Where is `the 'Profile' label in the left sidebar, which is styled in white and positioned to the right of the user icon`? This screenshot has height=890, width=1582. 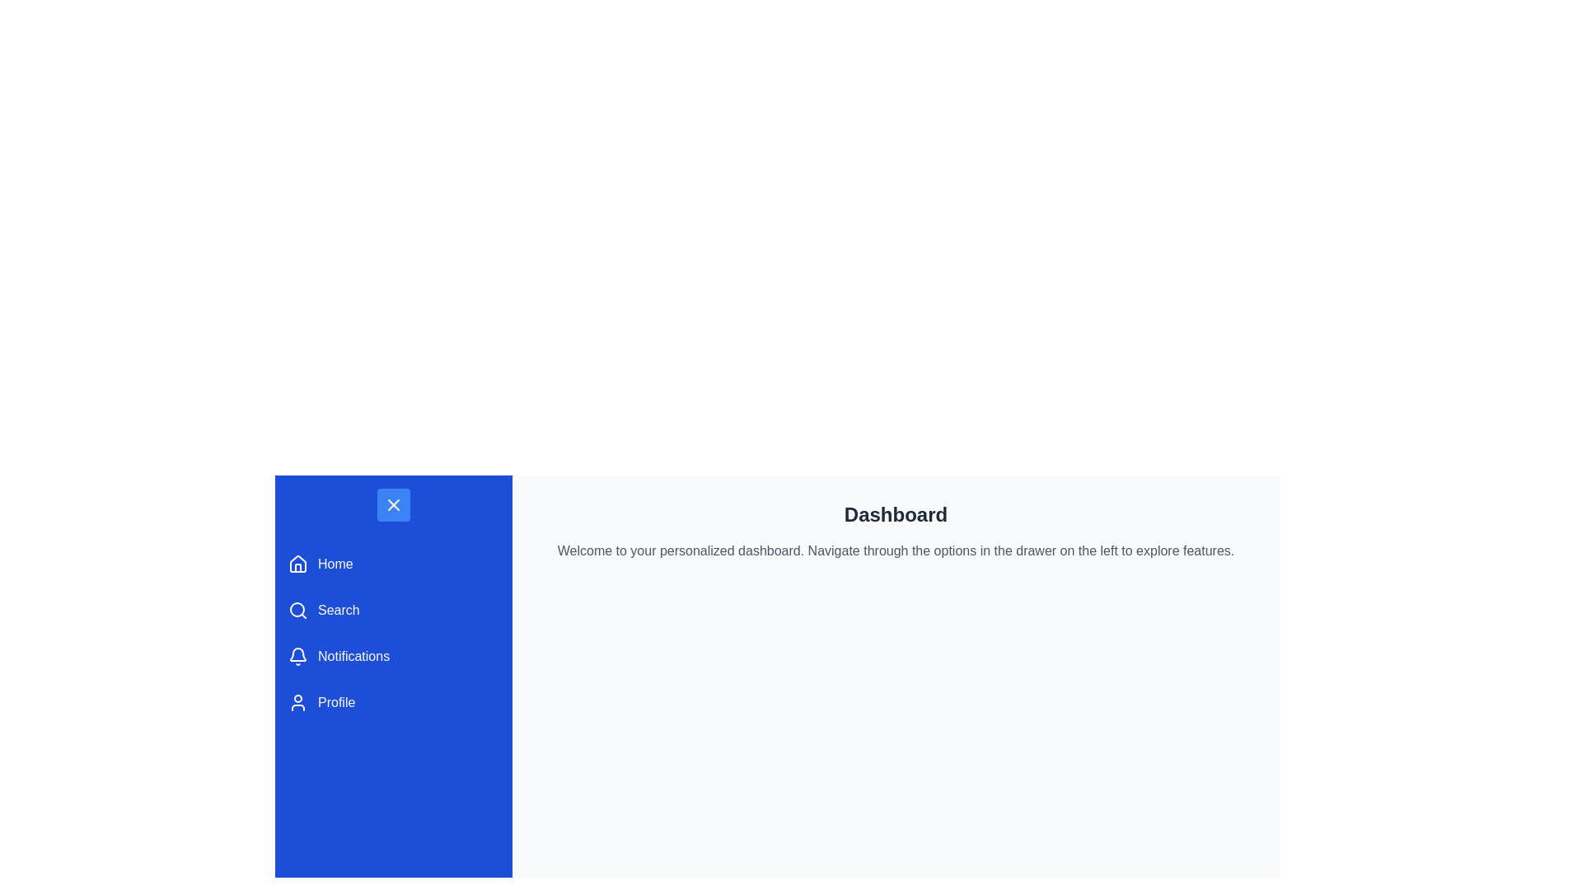
the 'Profile' label in the left sidebar, which is styled in white and positioned to the right of the user icon is located at coordinates (335, 702).